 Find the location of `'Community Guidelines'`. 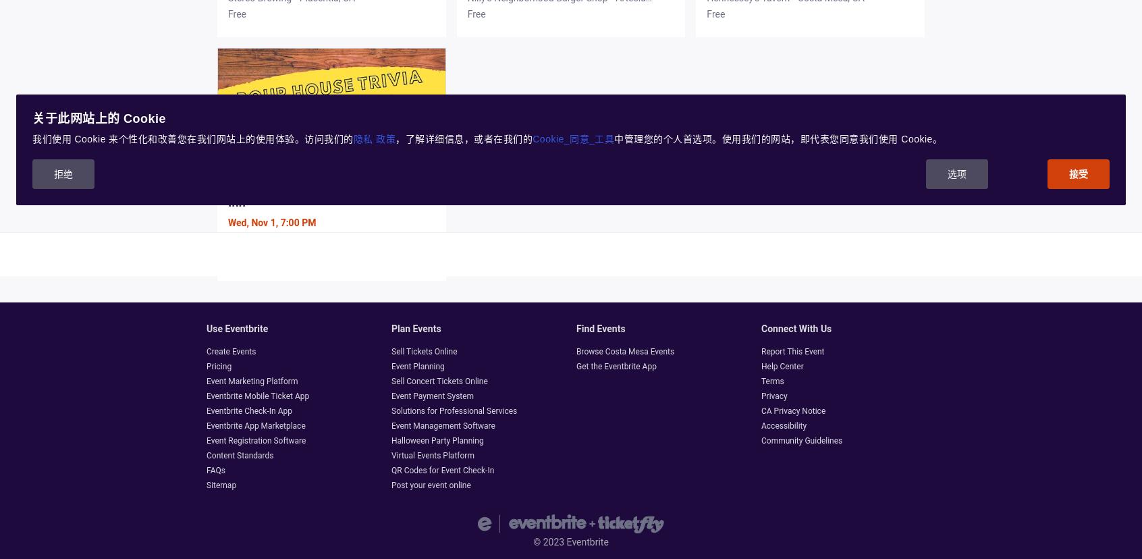

'Community Guidelines' is located at coordinates (800, 440).